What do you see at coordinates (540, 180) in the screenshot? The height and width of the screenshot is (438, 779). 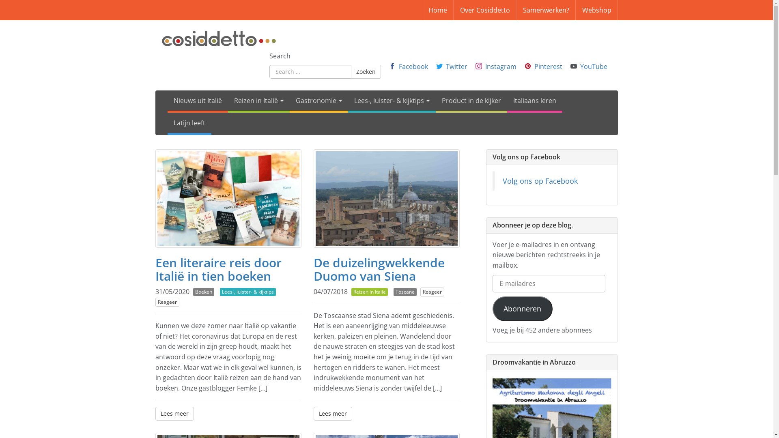 I see `'Volg ons op Facebook'` at bounding box center [540, 180].